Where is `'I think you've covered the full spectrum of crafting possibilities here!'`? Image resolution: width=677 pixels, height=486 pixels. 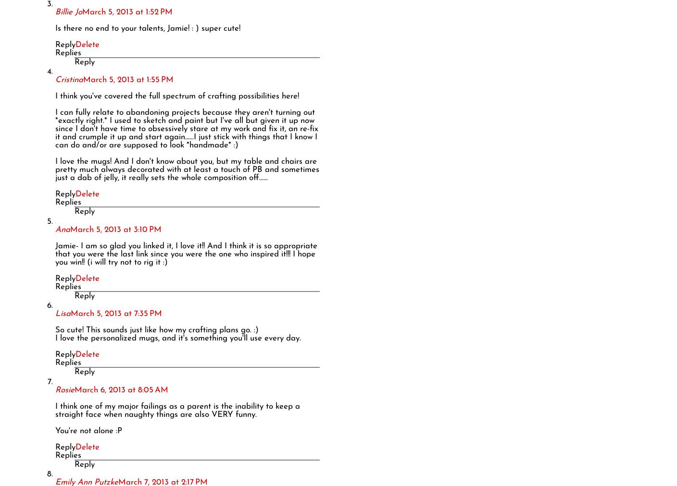
'I think you've covered the full spectrum of crafting possibilities here!' is located at coordinates (176, 96).